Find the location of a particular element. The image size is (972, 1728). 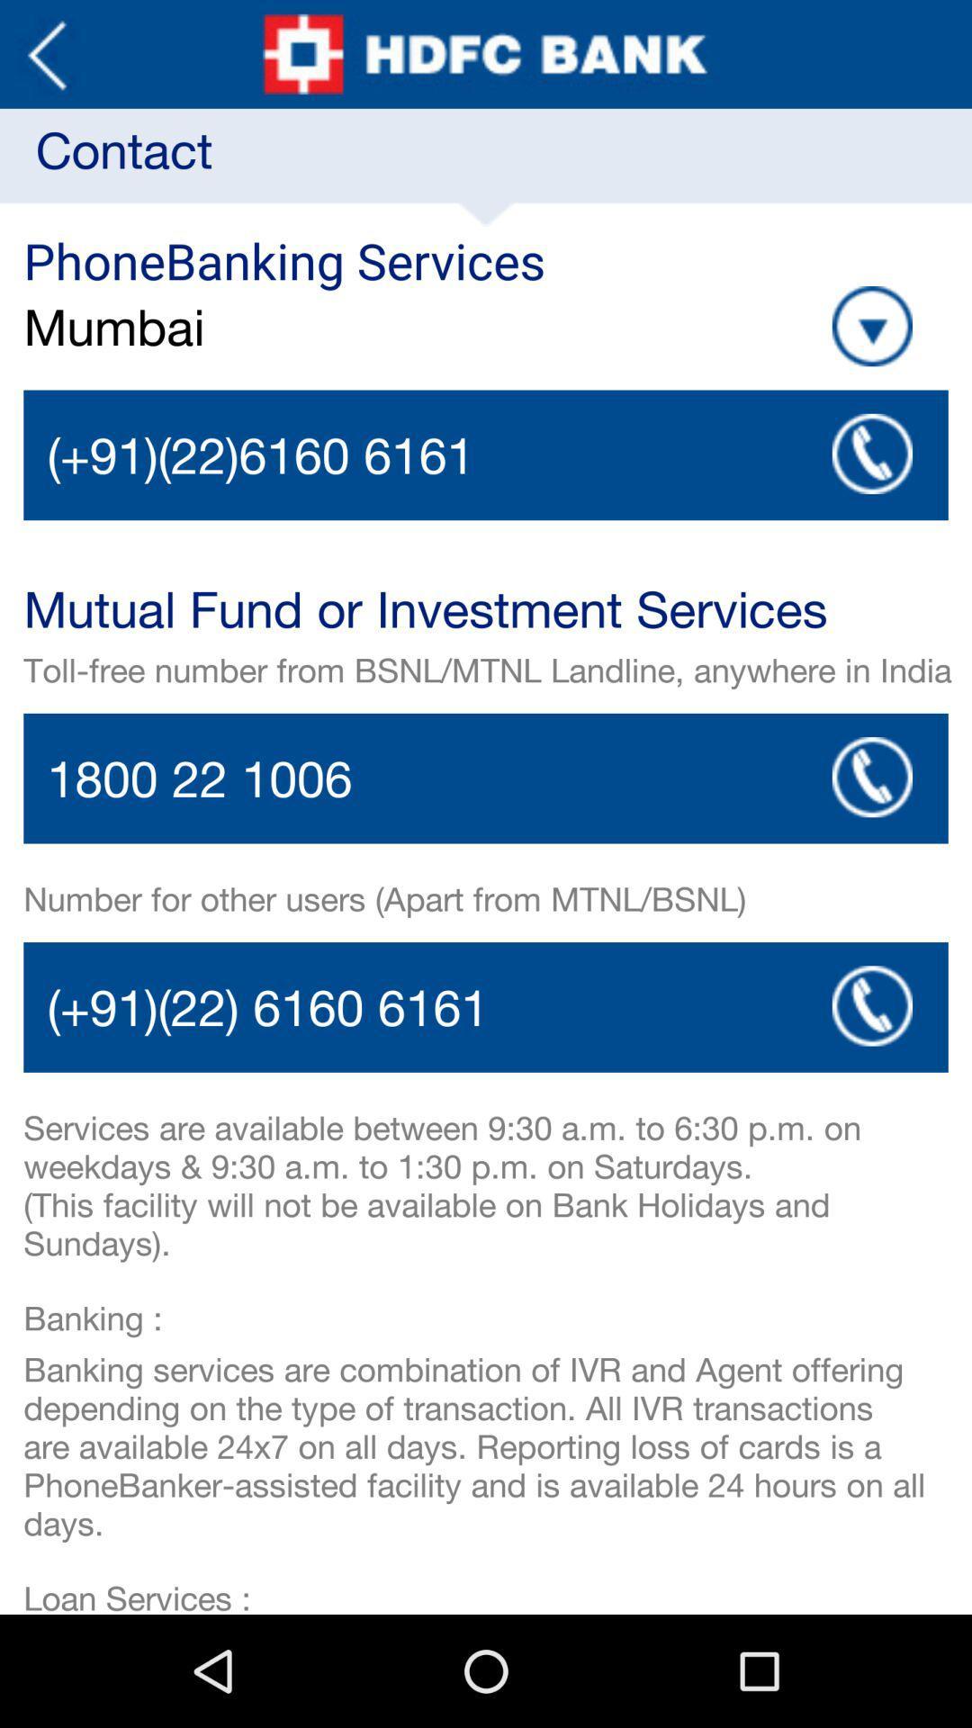

call the listed number is located at coordinates (871, 1004).